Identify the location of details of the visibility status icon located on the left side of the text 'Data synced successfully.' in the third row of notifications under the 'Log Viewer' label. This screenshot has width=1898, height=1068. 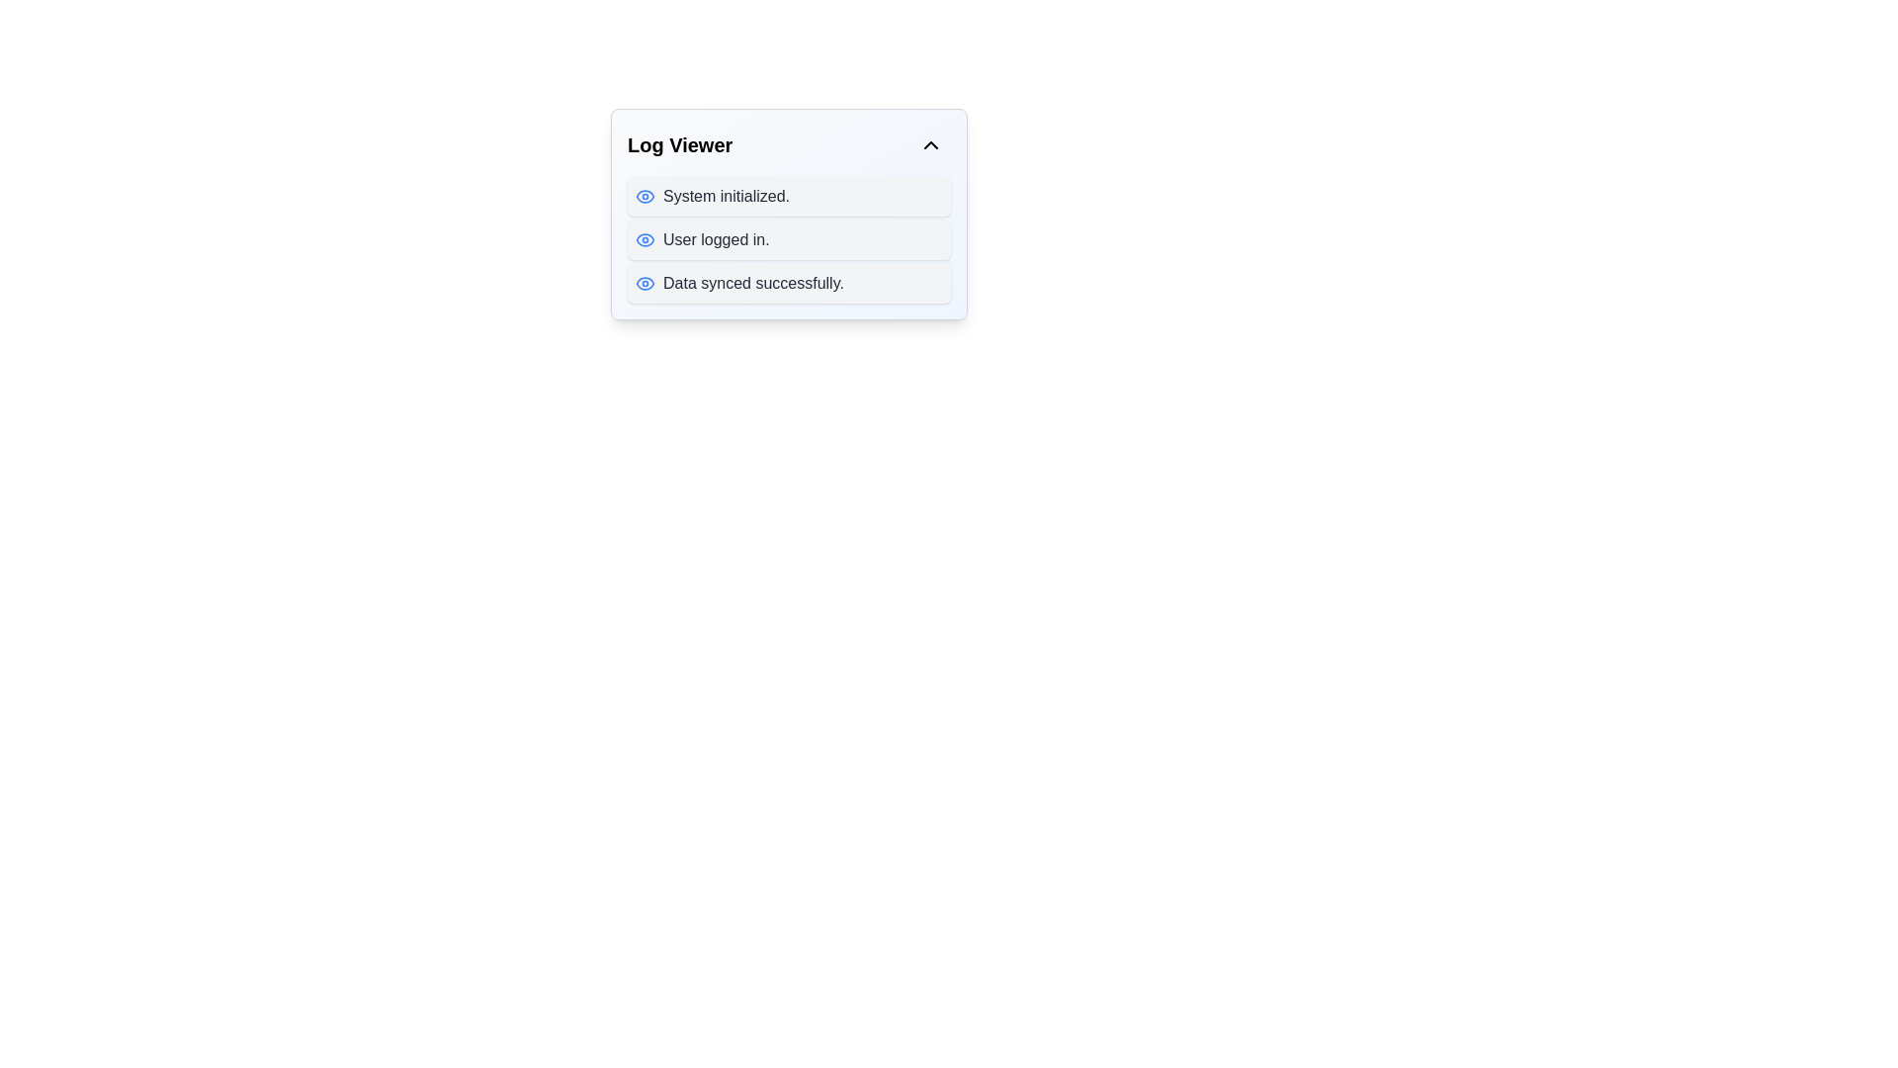
(645, 283).